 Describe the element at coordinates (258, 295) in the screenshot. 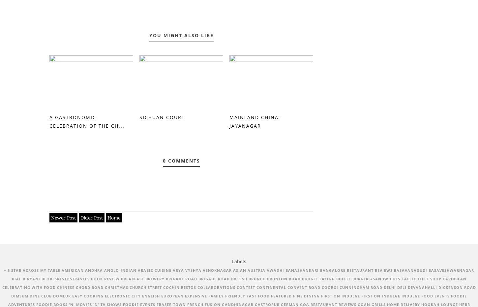

I see `'fast food'` at that location.